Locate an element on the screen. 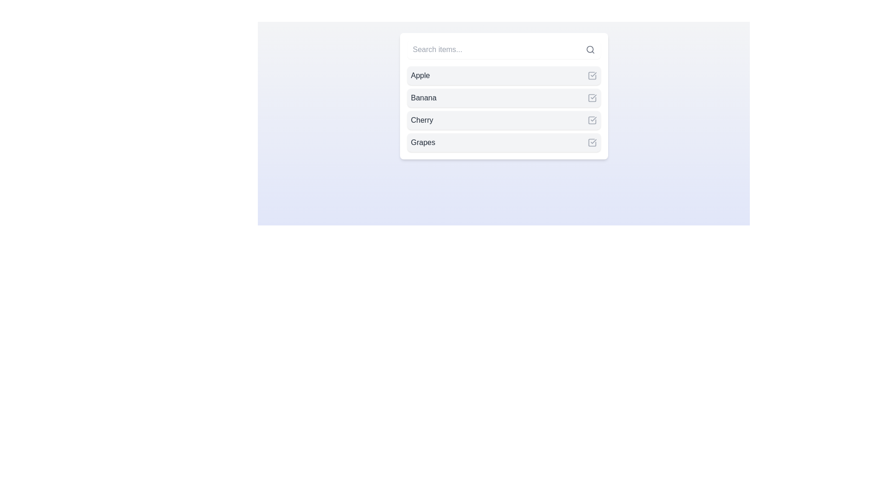  the checkbox located to the far right of the row labeled 'Cherry' is located at coordinates (591, 119).